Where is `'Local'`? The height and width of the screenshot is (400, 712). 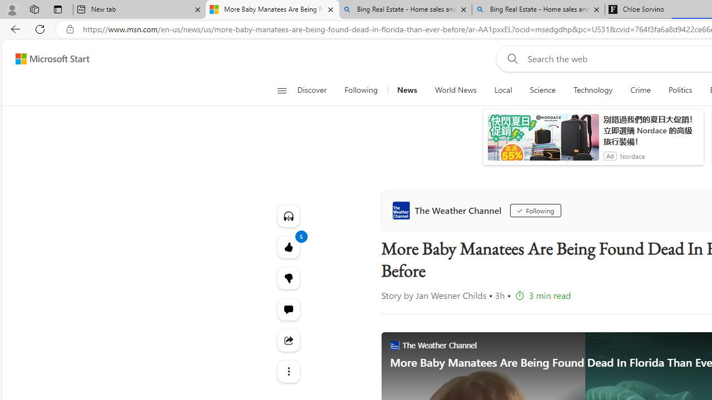
'Local' is located at coordinates (502, 90).